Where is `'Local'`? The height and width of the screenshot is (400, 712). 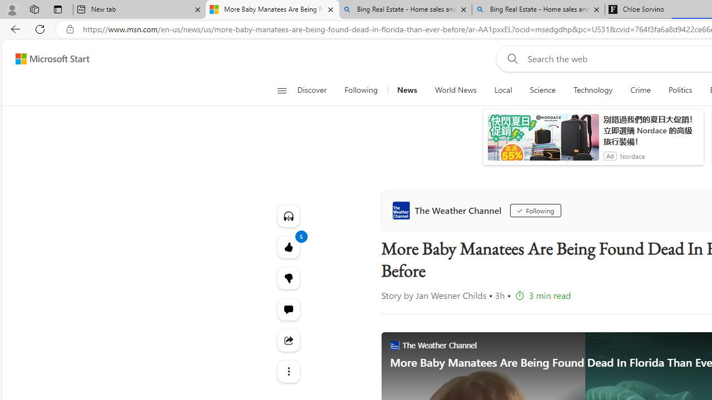
'Local' is located at coordinates (502, 90).